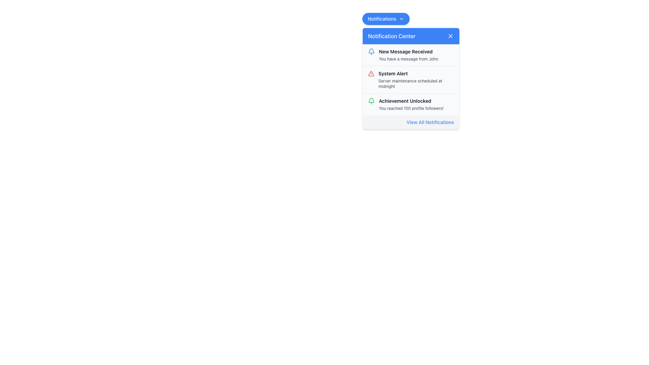 Image resolution: width=649 pixels, height=365 pixels. I want to click on the notification icon styled as a bell with a green outline, located to the left of the 'Achievement Unlocked' message, so click(371, 101).